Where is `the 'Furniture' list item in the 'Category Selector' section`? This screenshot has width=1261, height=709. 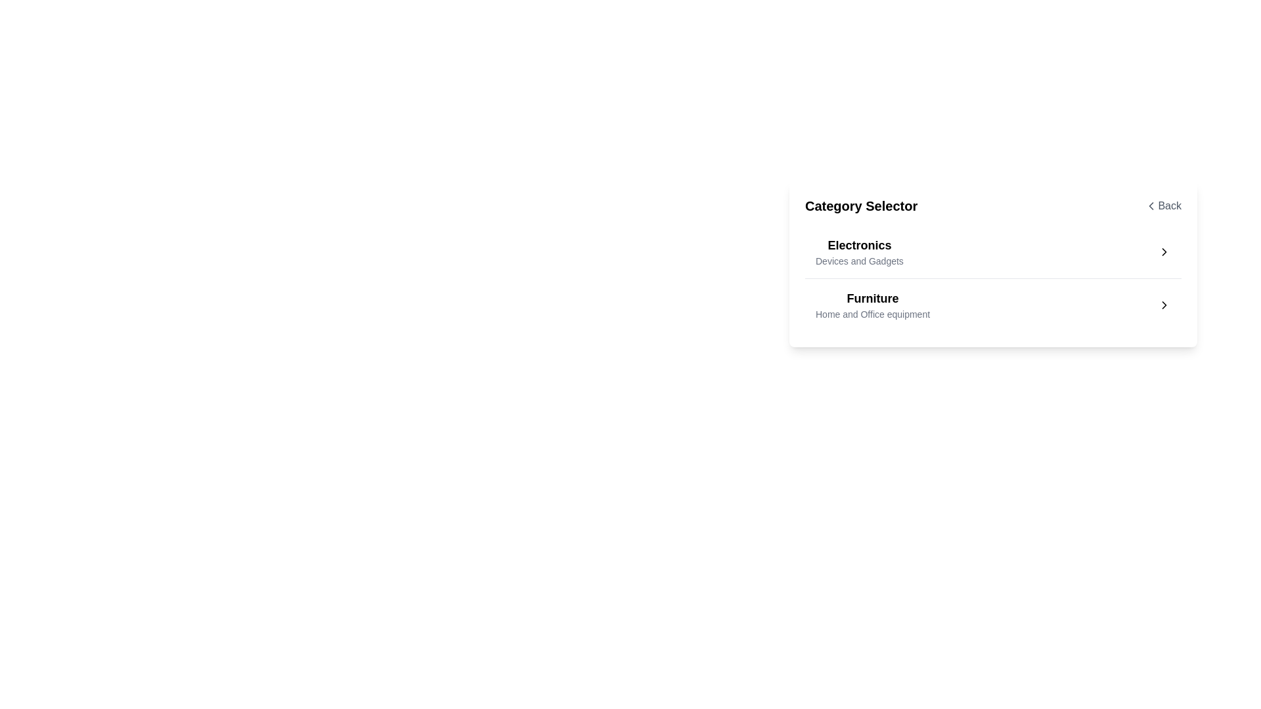
the 'Furniture' list item in the 'Category Selector' section is located at coordinates (873, 305).